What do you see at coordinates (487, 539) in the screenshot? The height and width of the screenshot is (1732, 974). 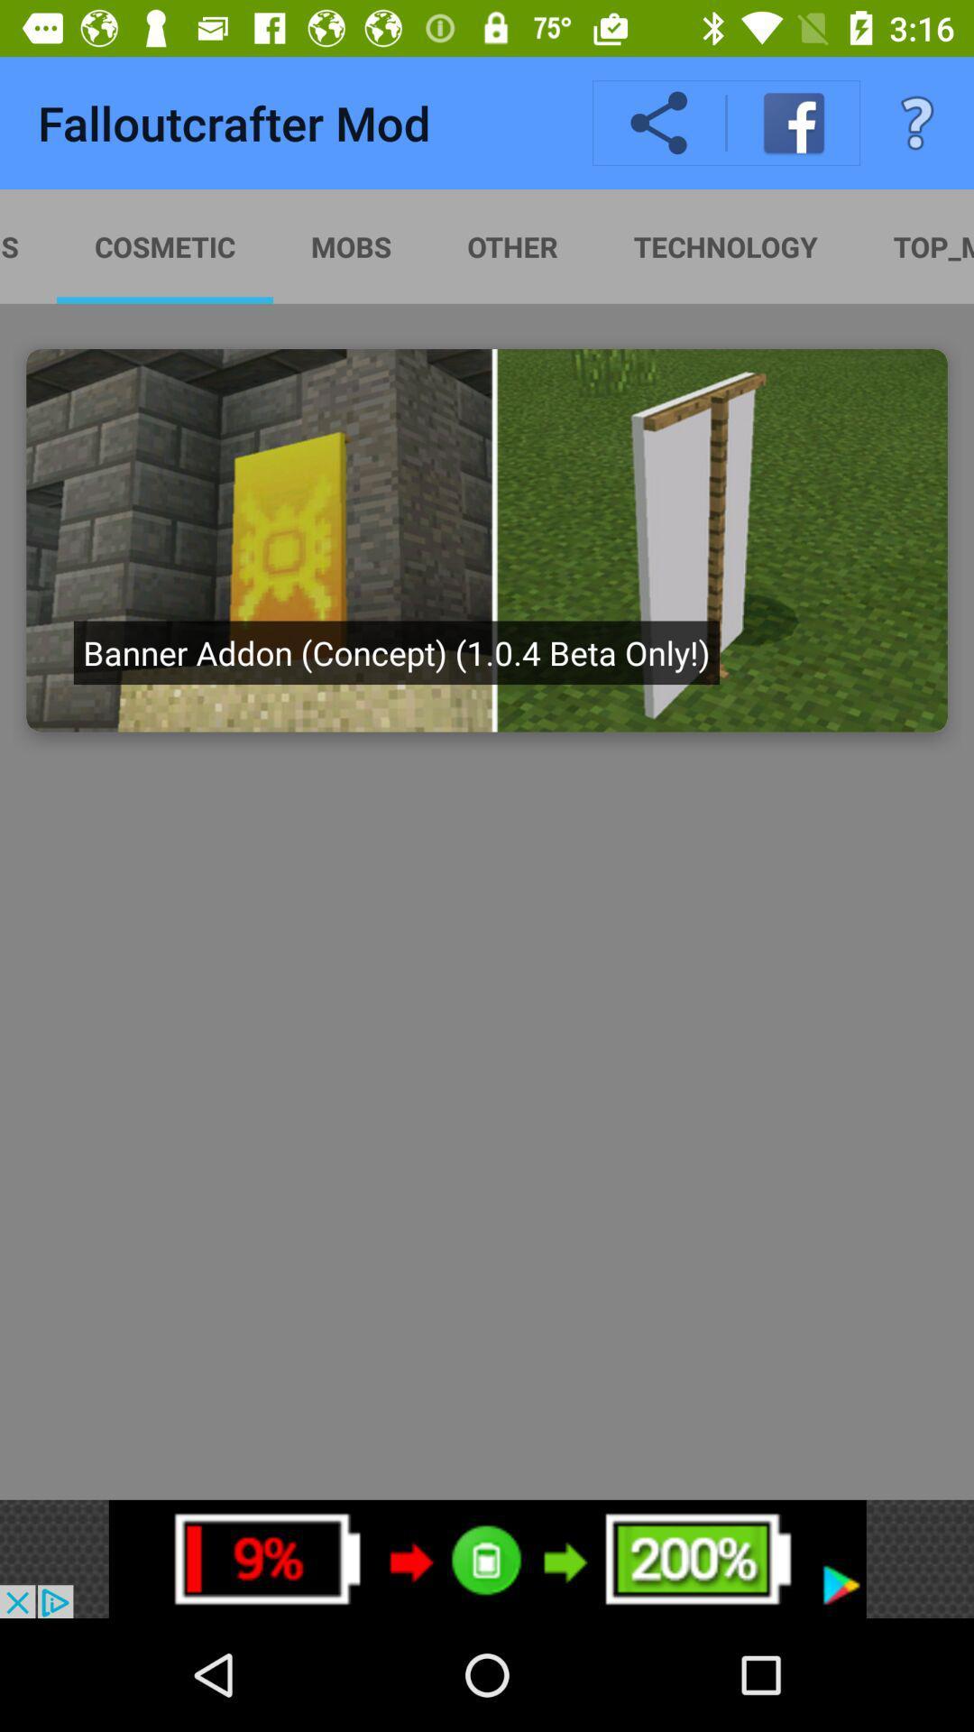 I see `the image` at bounding box center [487, 539].